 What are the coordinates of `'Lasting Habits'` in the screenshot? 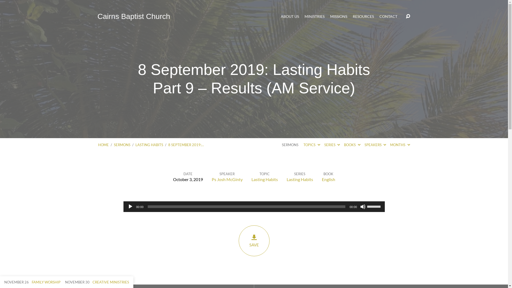 It's located at (264, 179).